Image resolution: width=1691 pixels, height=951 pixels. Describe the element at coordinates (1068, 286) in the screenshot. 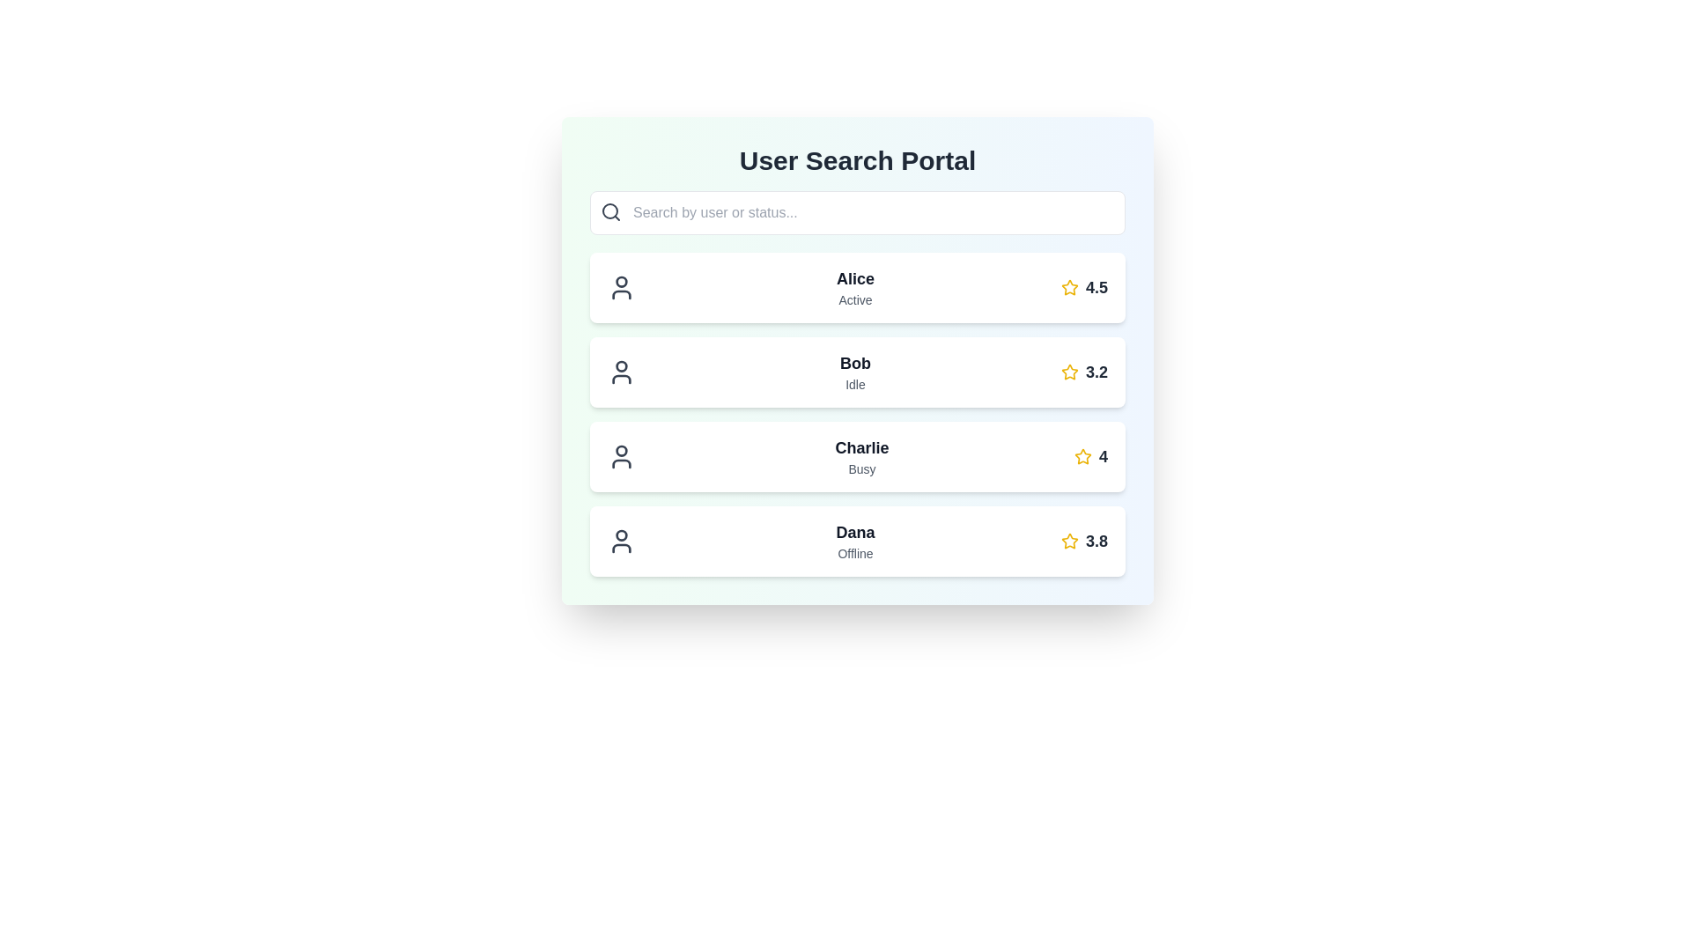

I see `the decorative star icon indicating the favorite status for the user 'Alice' in the rating indicator located on the far-right side of the entry` at that location.